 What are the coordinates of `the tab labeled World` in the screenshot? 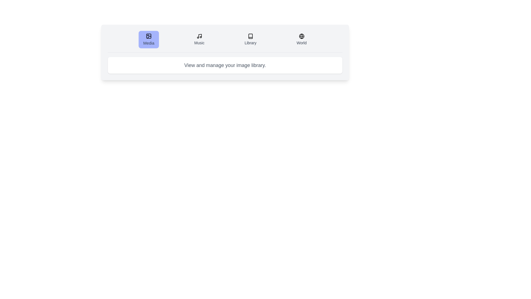 It's located at (301, 39).